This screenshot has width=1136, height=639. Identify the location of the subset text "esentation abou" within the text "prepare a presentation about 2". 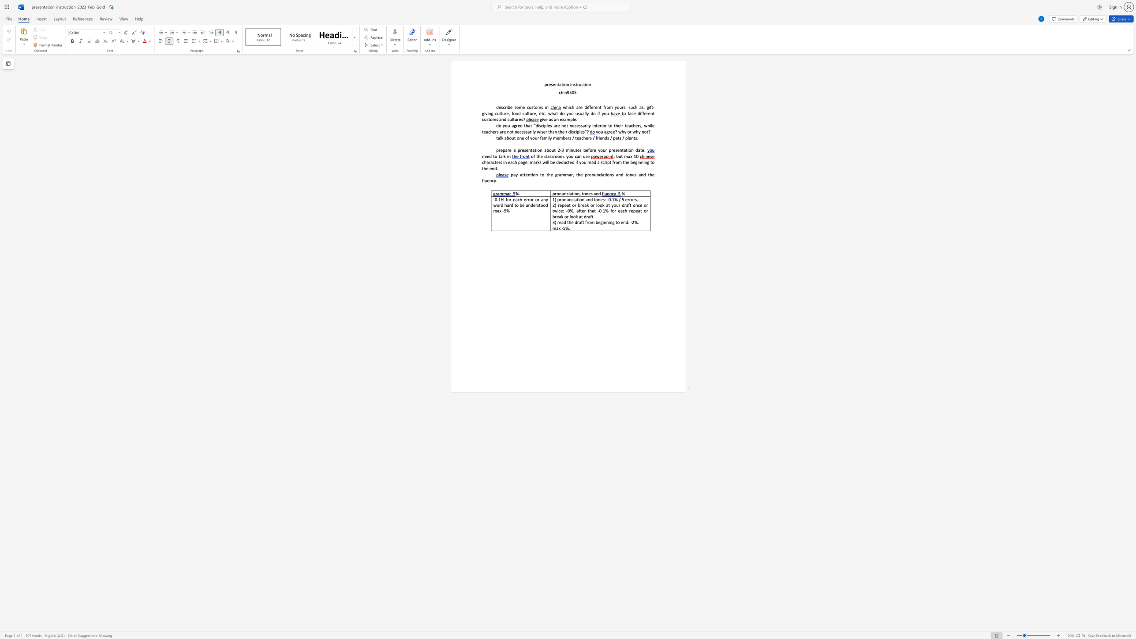
(522, 149).